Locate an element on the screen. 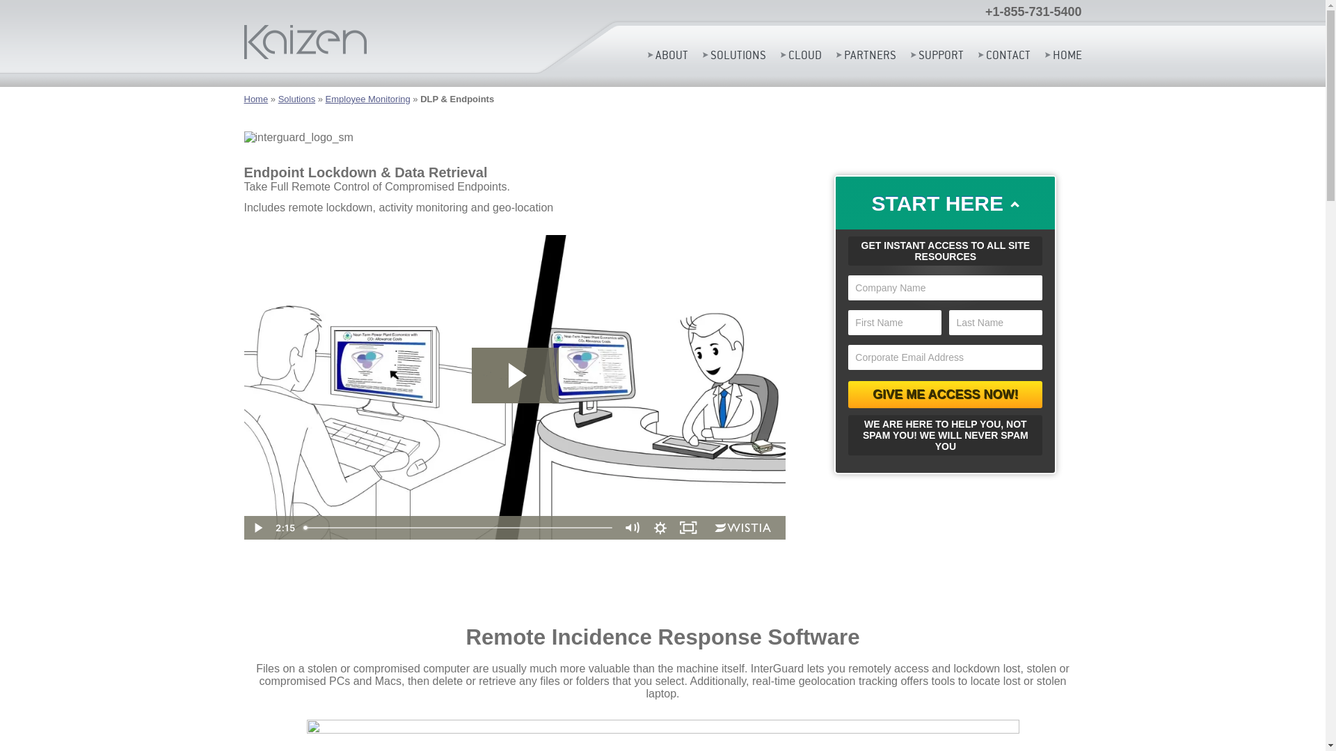 The height and width of the screenshot is (751, 1336). 'Solutions' is located at coordinates (296, 98).